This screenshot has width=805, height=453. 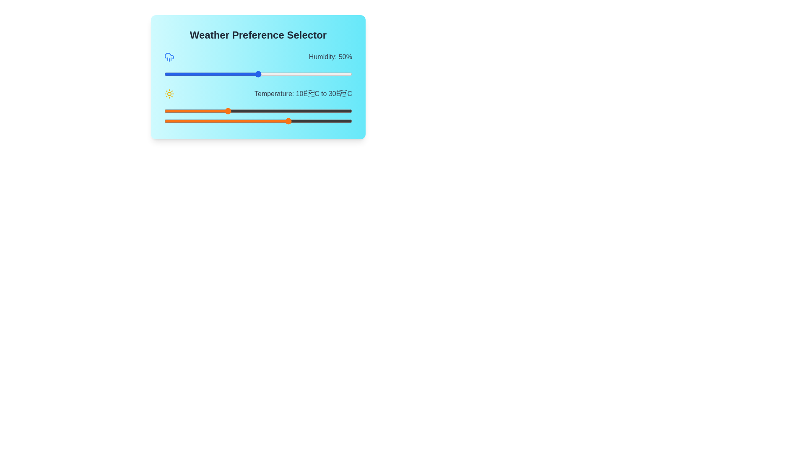 What do you see at coordinates (233, 121) in the screenshot?
I see `the maximum temperature slider to 12 degrees Celsius` at bounding box center [233, 121].